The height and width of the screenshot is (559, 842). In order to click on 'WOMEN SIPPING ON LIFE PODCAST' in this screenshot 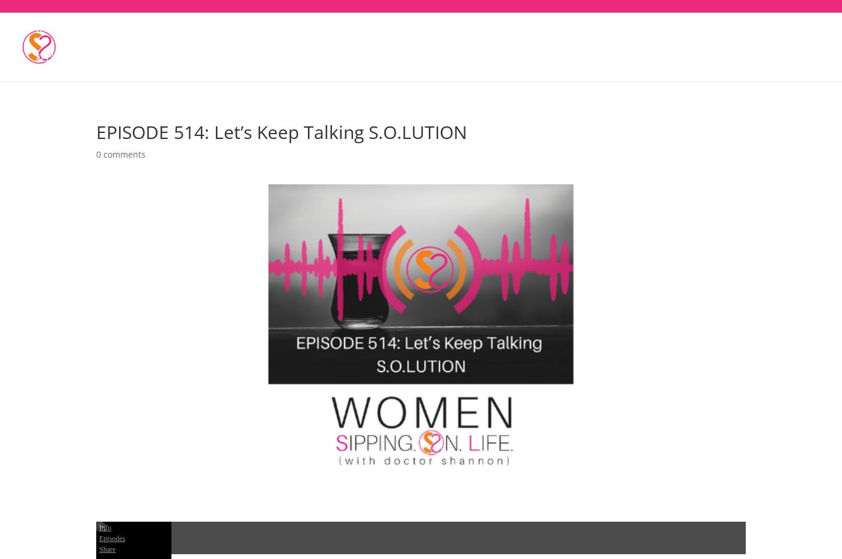, I will do `click(358, 64)`.